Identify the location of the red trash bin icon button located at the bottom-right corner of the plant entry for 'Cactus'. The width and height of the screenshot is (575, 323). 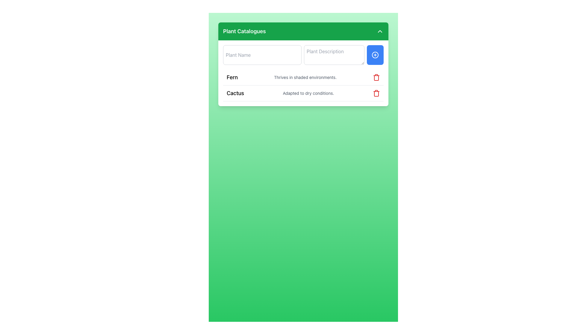
(376, 93).